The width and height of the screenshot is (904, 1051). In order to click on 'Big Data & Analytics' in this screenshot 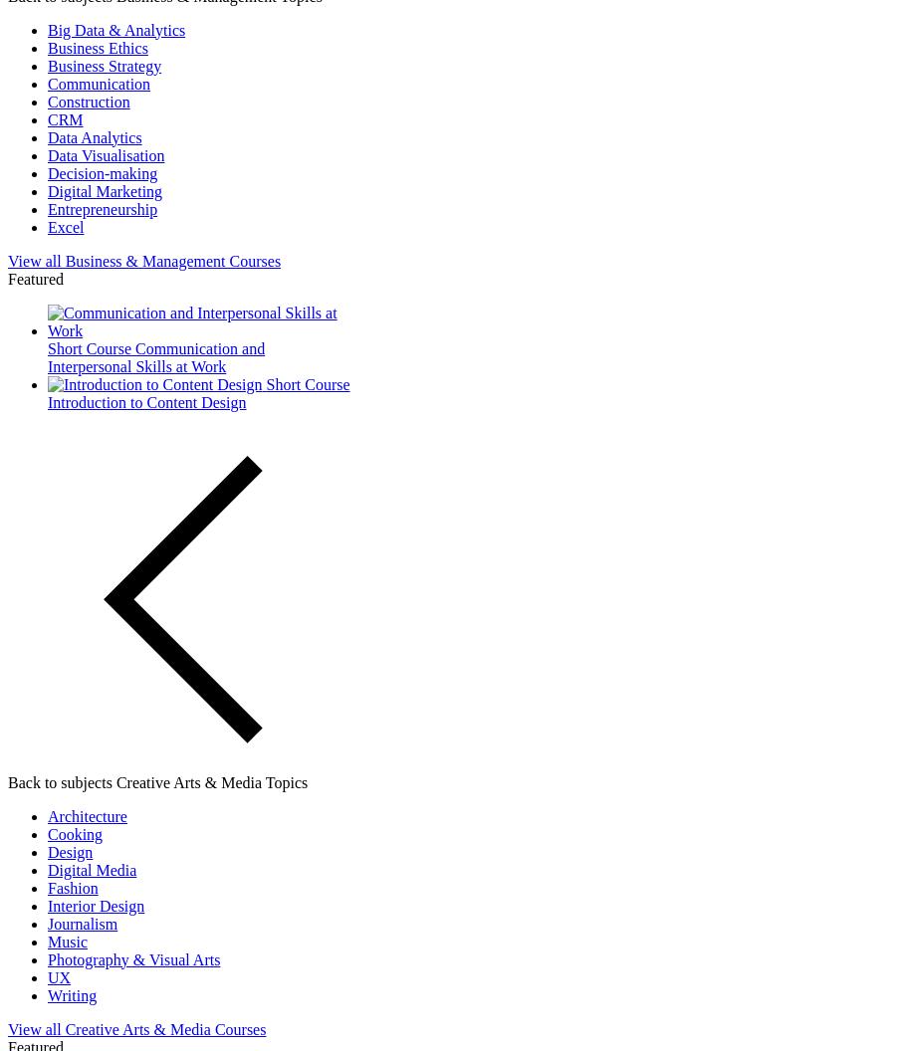, I will do `click(48, 29)`.